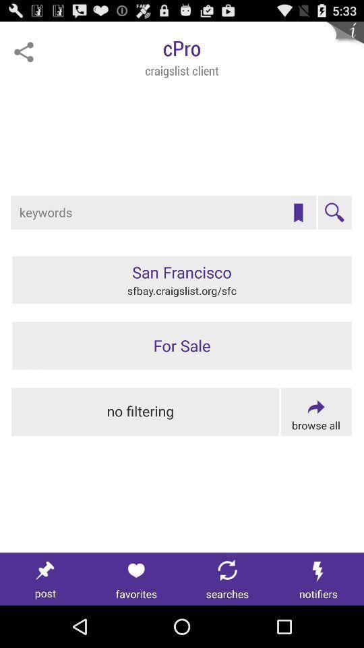  Describe the element at coordinates (144, 411) in the screenshot. I see `remove search filters` at that location.